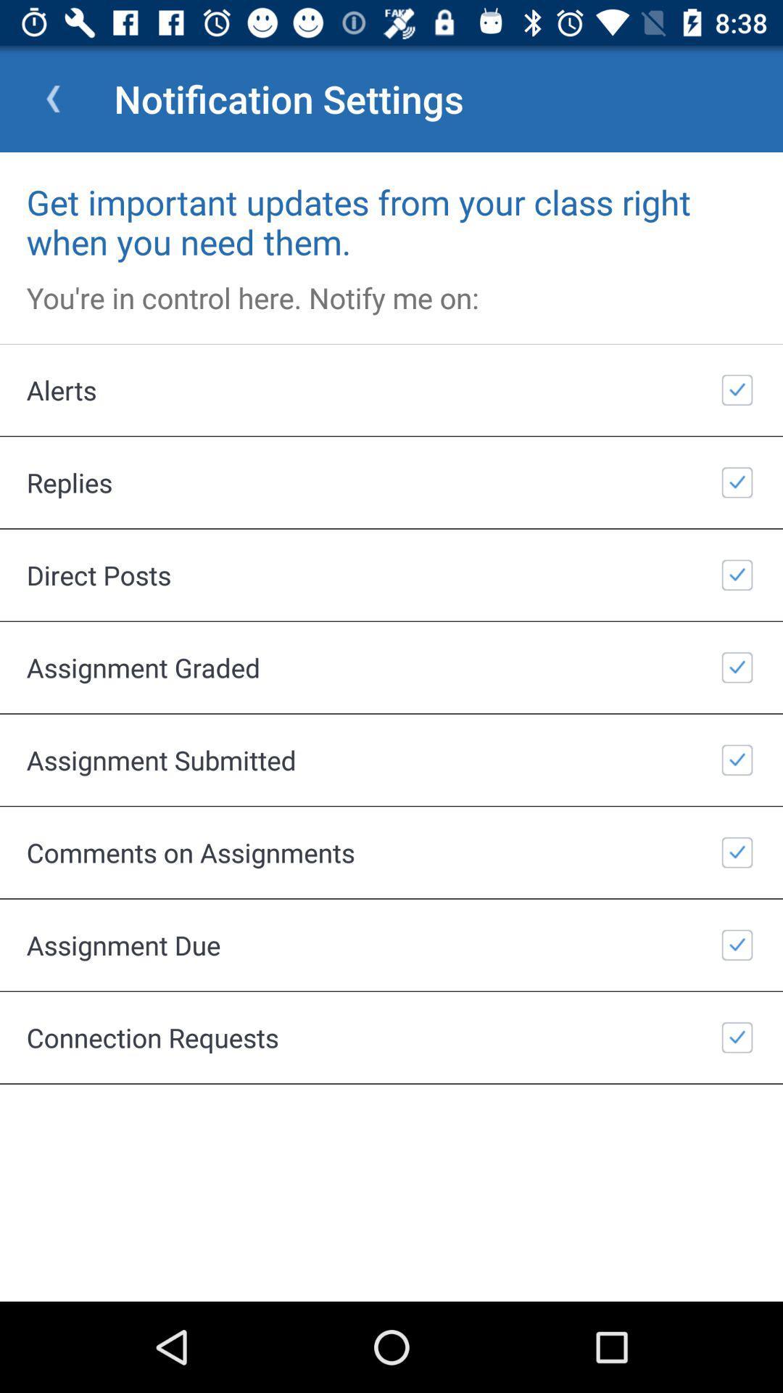 The width and height of the screenshot is (783, 1393). What do you see at coordinates (391, 852) in the screenshot?
I see `item above assignment due` at bounding box center [391, 852].